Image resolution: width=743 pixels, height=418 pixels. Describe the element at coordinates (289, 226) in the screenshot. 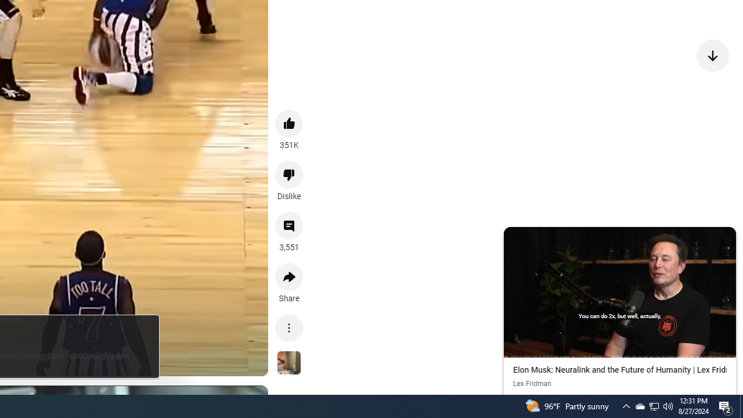

I see `'View 3,551 comments'` at that location.